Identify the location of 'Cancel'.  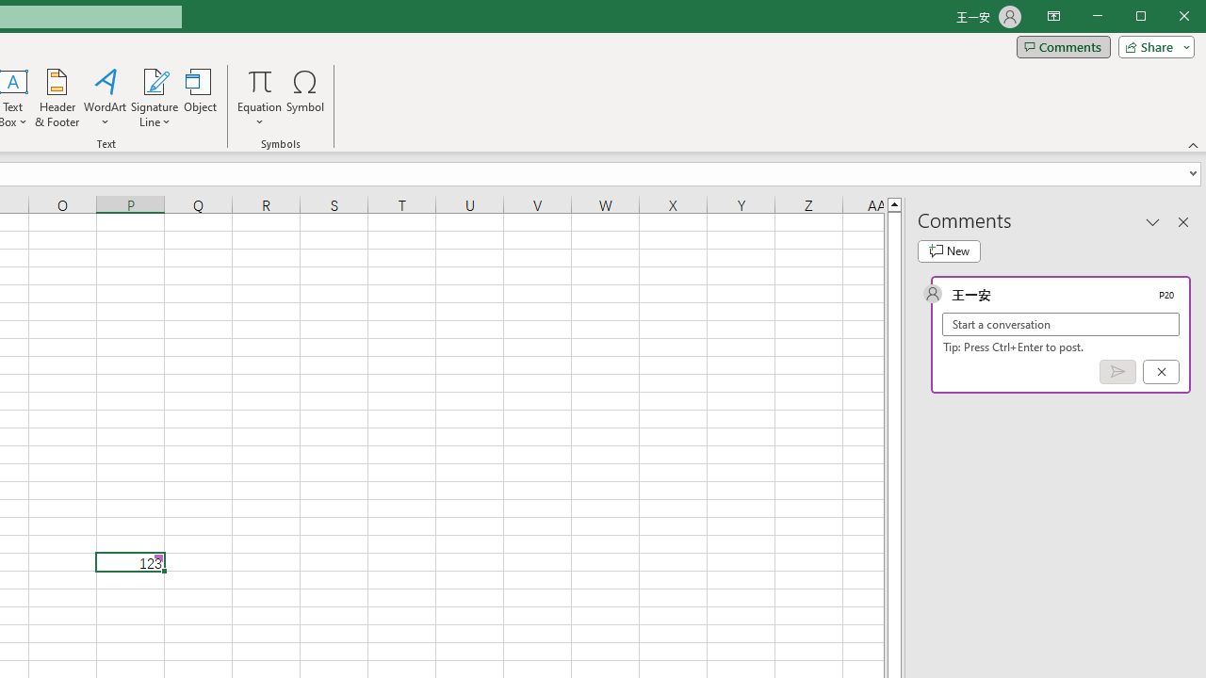
(1160, 372).